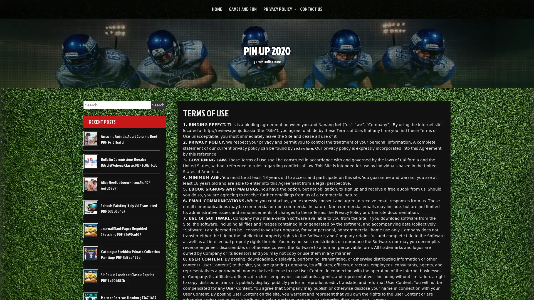 This screenshot has height=300, width=534. What do you see at coordinates (158, 105) in the screenshot?
I see `Search` at bounding box center [158, 105].